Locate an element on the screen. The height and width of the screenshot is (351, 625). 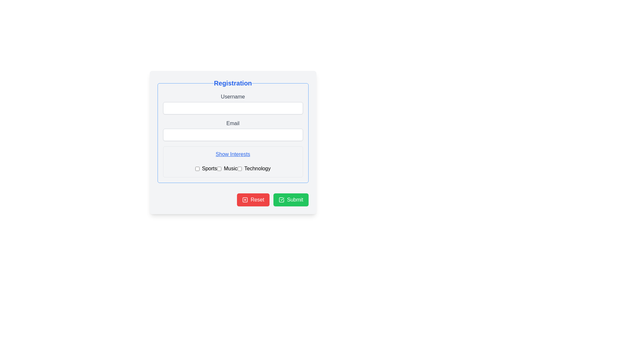
the checkbox labeled 'Technology' is located at coordinates (239, 168).